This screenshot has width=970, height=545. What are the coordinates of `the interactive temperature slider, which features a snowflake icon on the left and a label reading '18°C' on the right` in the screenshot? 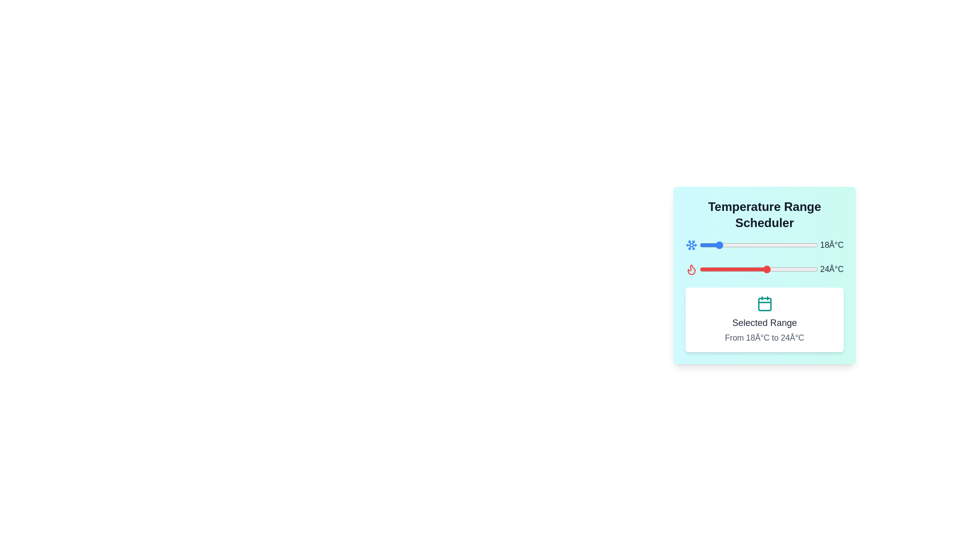 It's located at (764, 245).